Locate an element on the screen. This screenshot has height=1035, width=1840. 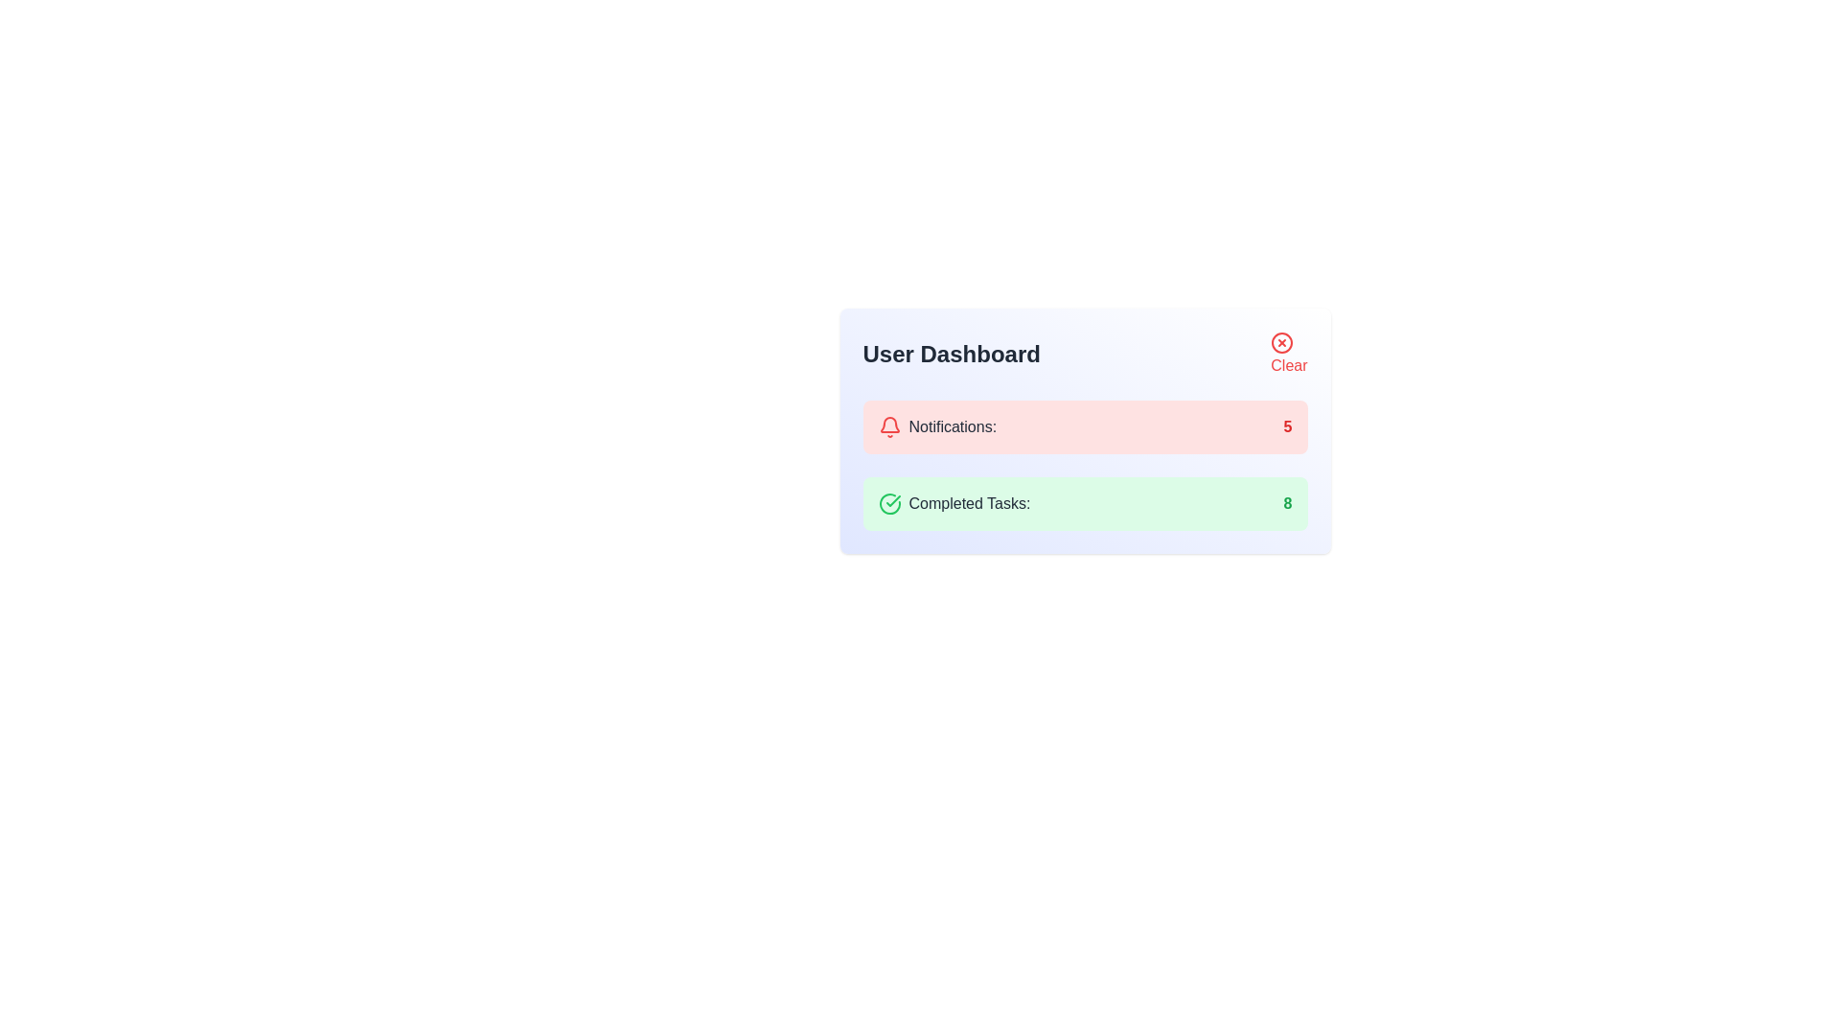
the bell icon representing the notifications feature located in the notification section of the dashboard, which opens a notification panel upon interaction is located at coordinates (888, 426).